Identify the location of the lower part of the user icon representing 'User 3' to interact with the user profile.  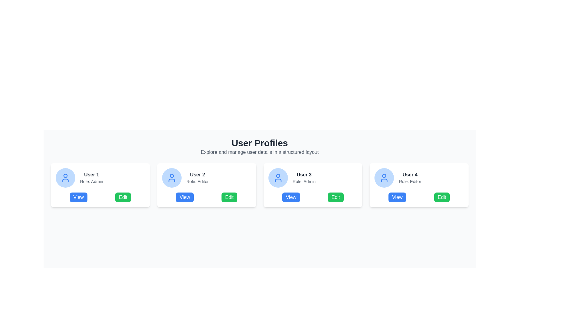
(278, 180).